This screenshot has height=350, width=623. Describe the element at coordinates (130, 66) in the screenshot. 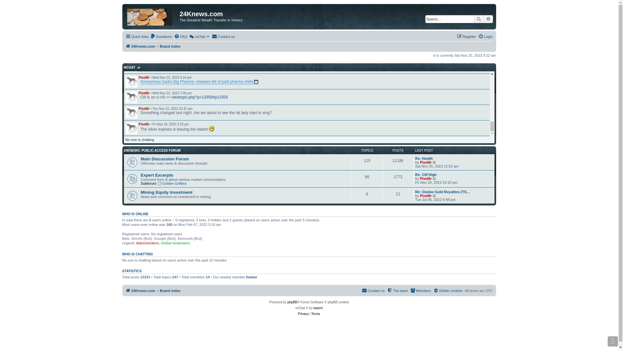

I see `'Profile'` at that location.